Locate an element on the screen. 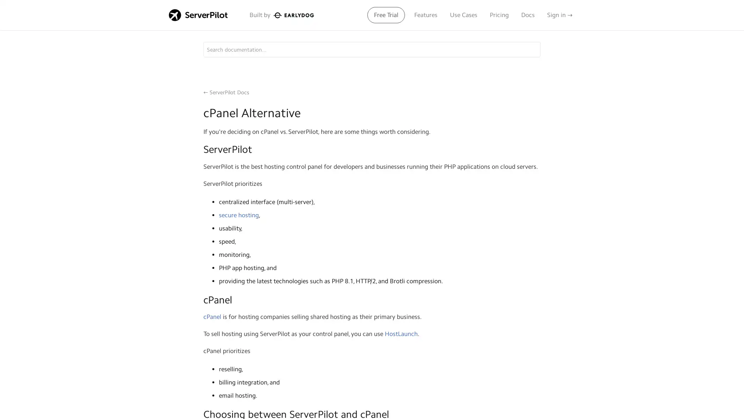 This screenshot has width=744, height=419. Features is located at coordinates (425, 15).